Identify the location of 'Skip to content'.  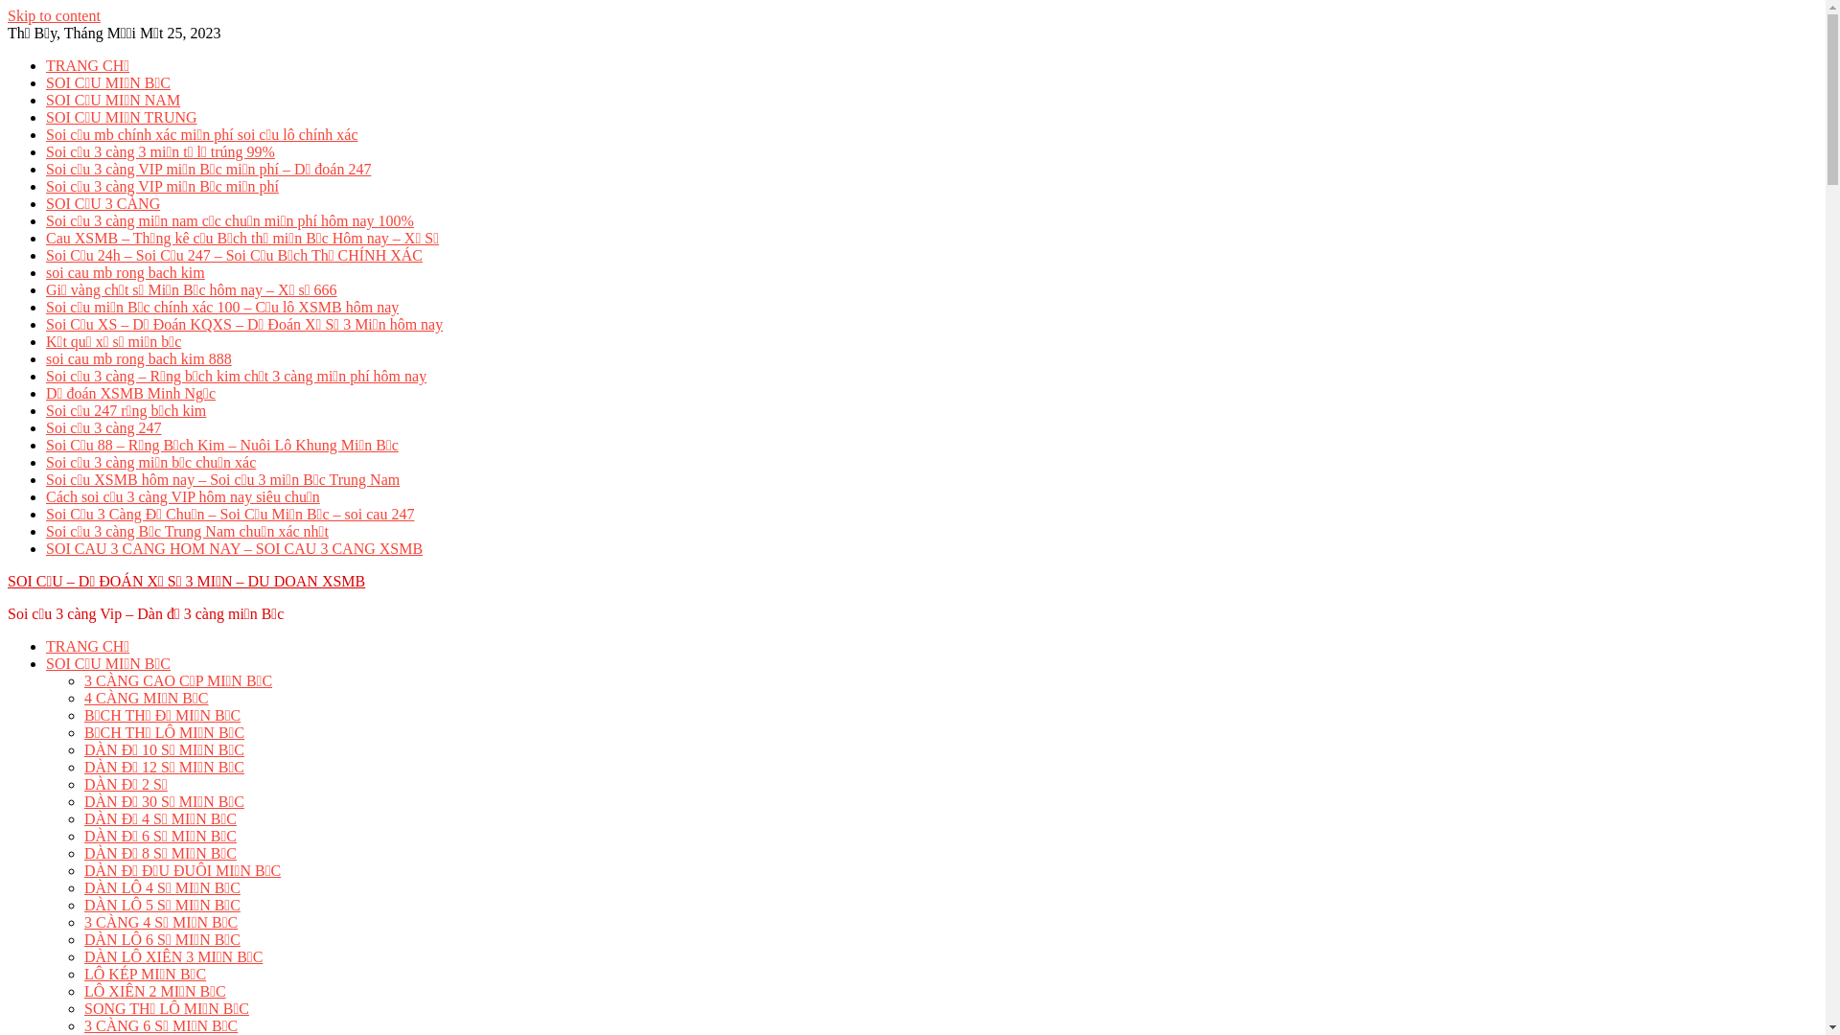
(54, 15).